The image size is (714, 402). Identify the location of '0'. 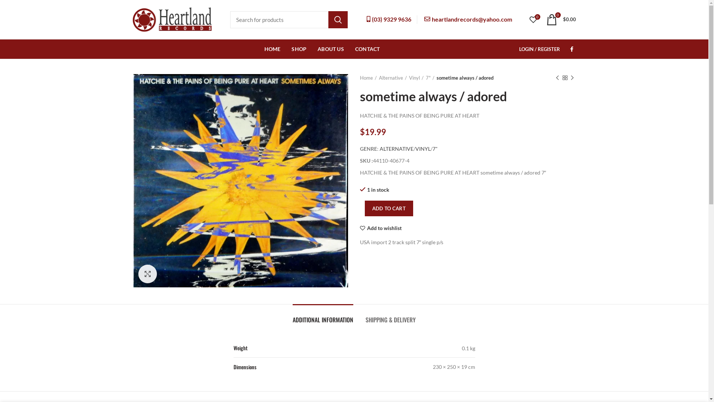
(533, 19).